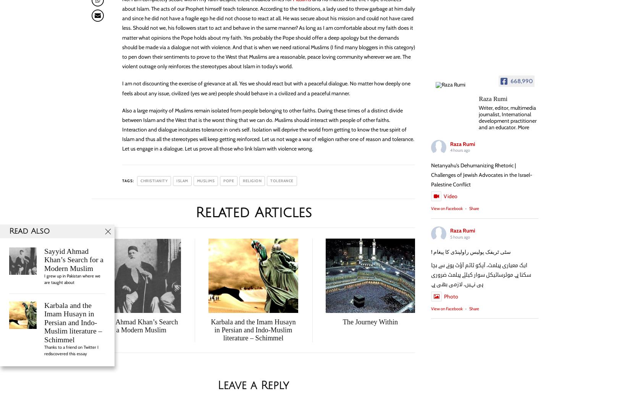  Describe the element at coordinates (270, 180) in the screenshot. I see `'tolerance'` at that location.